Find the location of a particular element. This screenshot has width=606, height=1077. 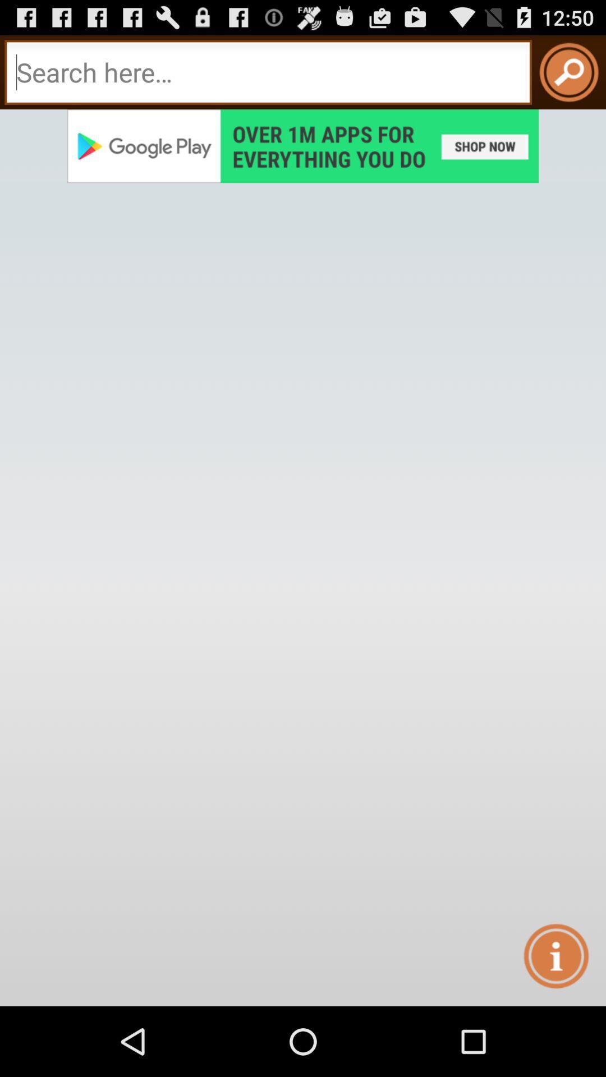

information is located at coordinates (555, 955).